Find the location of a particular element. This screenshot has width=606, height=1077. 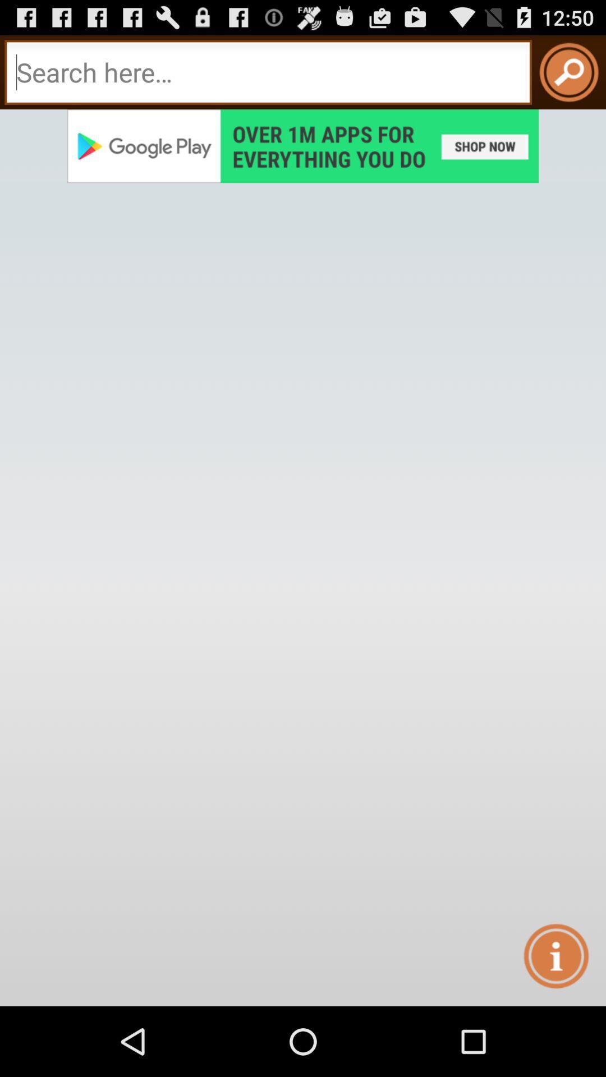

information is located at coordinates (555, 955).